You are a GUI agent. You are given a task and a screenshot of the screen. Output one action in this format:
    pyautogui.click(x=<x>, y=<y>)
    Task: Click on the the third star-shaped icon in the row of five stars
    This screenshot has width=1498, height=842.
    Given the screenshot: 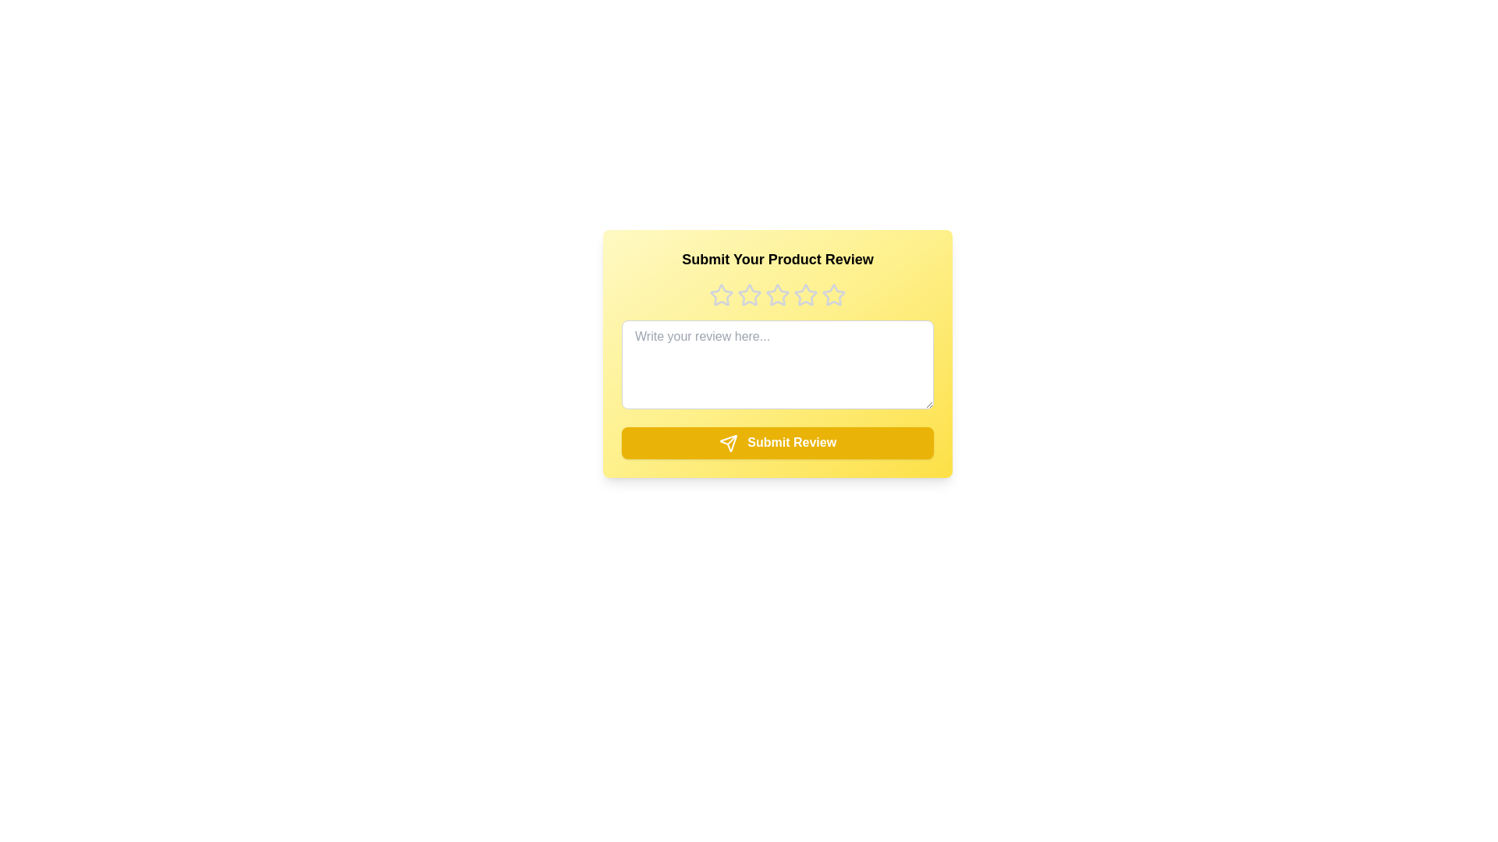 What is the action you would take?
    pyautogui.click(x=777, y=295)
    